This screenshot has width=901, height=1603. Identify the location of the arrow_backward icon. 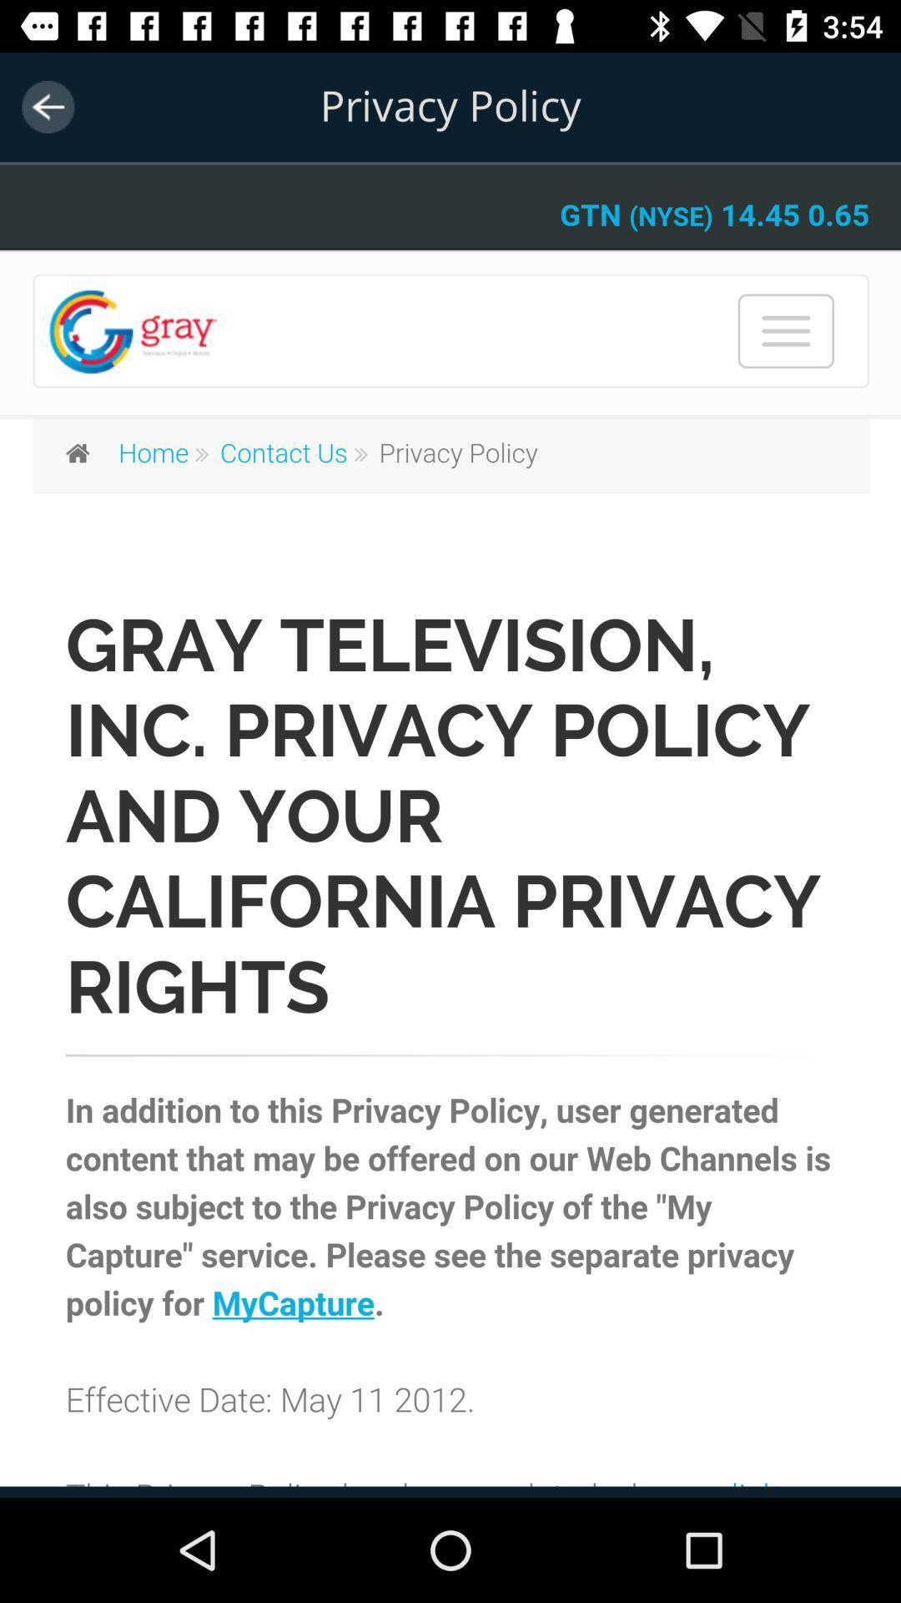
(47, 106).